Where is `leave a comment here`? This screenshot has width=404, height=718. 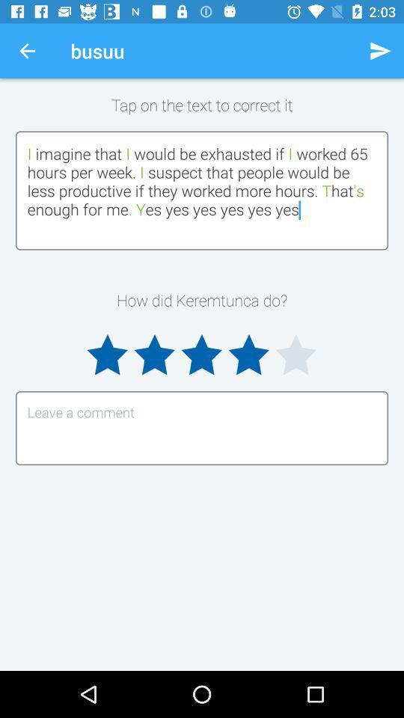
leave a comment here is located at coordinates (202, 428).